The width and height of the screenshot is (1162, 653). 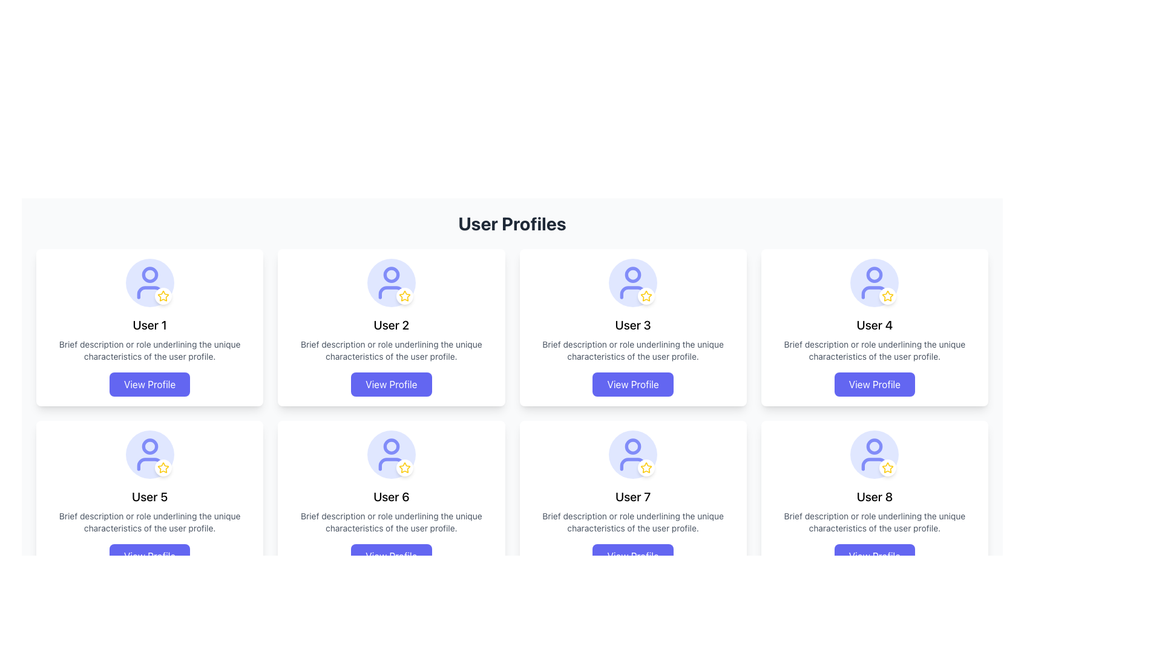 What do you see at coordinates (149, 282) in the screenshot?
I see `the user profile silhouette icon with a blue outline located in the top left card labeled 'User 1'` at bounding box center [149, 282].